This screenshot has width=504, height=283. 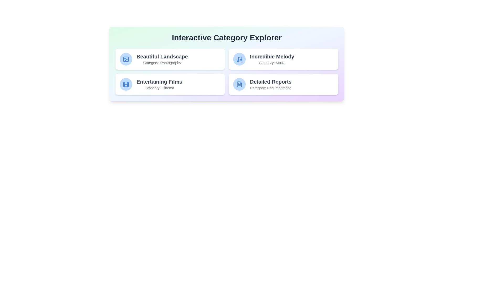 I want to click on the card representing the category Entertaining Films, so click(x=170, y=84).